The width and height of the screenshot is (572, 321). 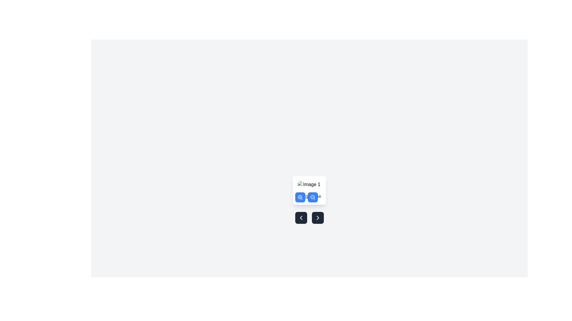 I want to click on the left arrow button, so click(x=301, y=218).